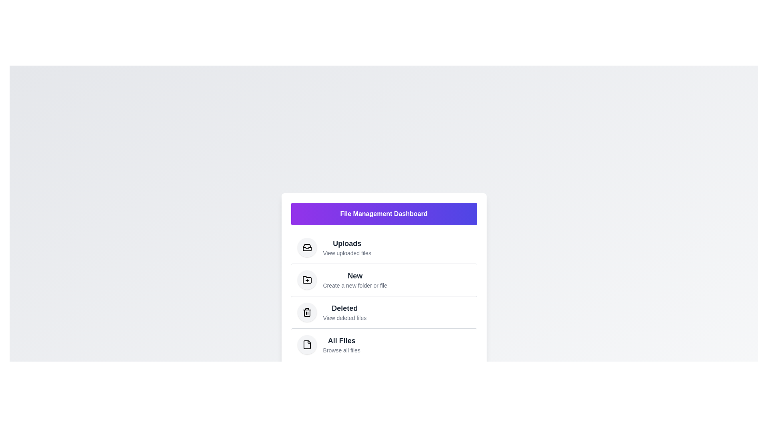 The height and width of the screenshot is (432, 769). I want to click on the text element labeled 'New' to select it, so click(354, 275).